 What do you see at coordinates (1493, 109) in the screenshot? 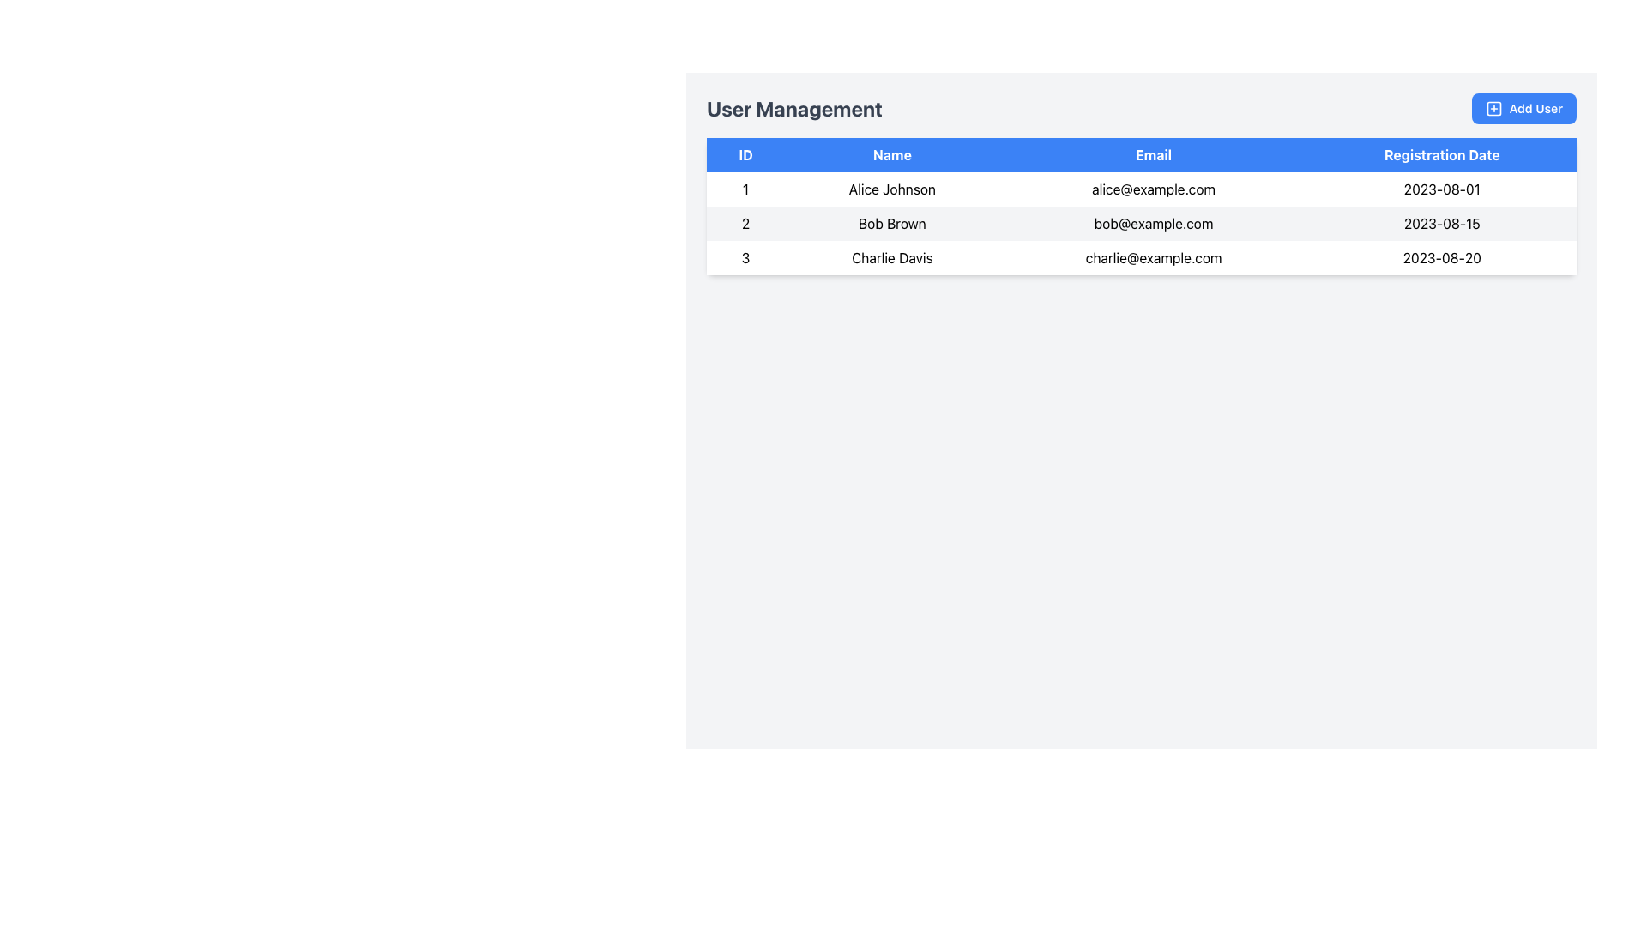
I see `the blue square button-like icon with a white plus symbol that is part of the 'Add User' button located in the top-right corner of the user management interface` at bounding box center [1493, 109].